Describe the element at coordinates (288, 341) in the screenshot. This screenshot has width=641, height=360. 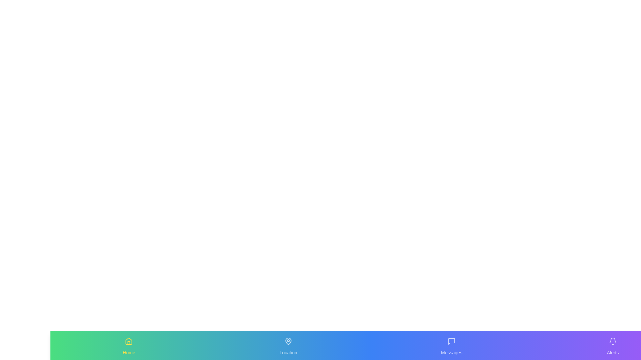
I see `the icon labeled 'Location' to observe its hover effect` at that location.